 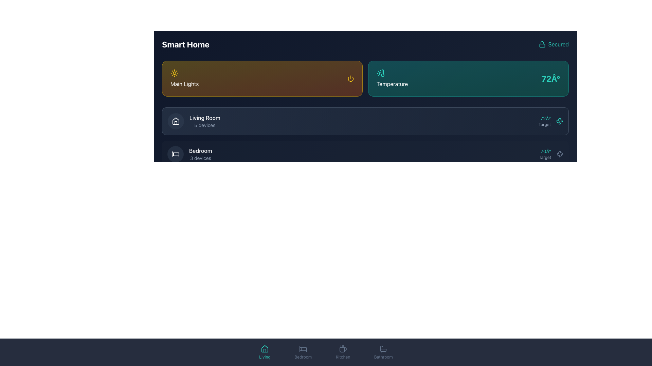 What do you see at coordinates (551, 154) in the screenshot?
I see `the Temperature display in the bottom-right corner of the 'Bedroom' card, which shows a teal '70°' and a grey 'Target' label with a fan icon` at bounding box center [551, 154].